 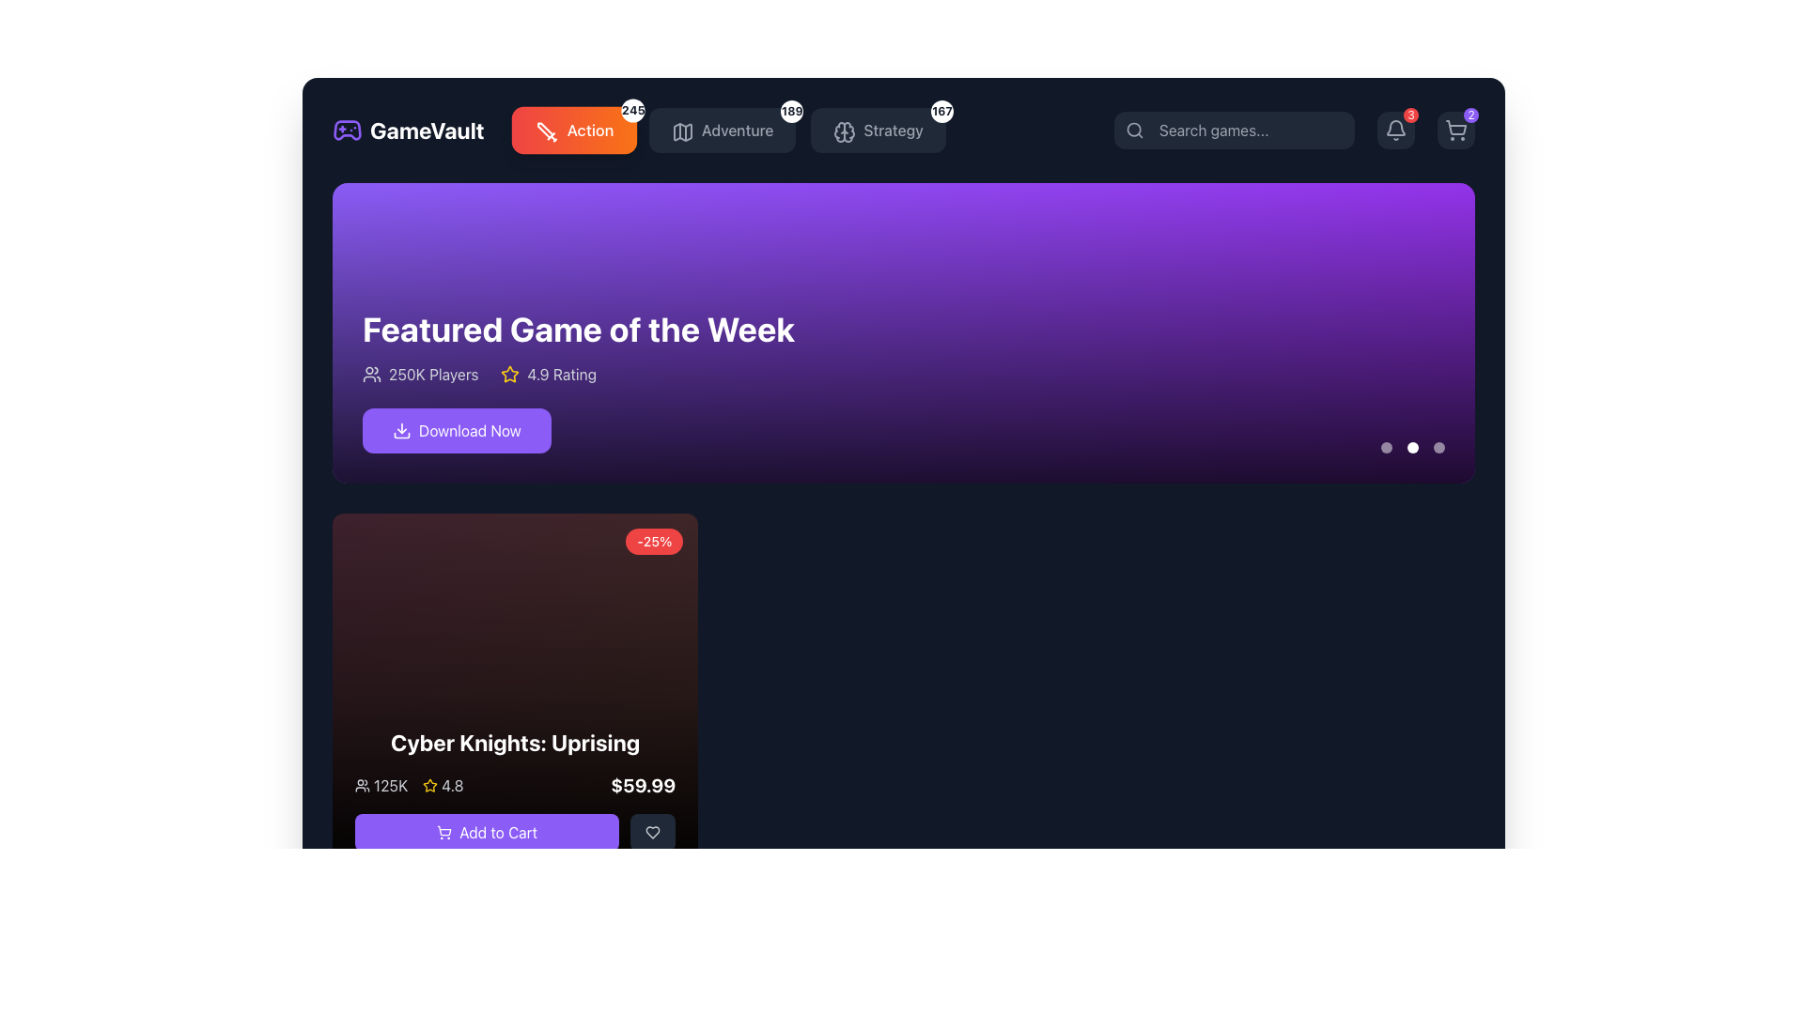 What do you see at coordinates (510, 374) in the screenshot?
I see `the static decorative SVG star icon that visually represents the rating system for the featured game, located in the top header bar next to the 4.9 rating score` at bounding box center [510, 374].